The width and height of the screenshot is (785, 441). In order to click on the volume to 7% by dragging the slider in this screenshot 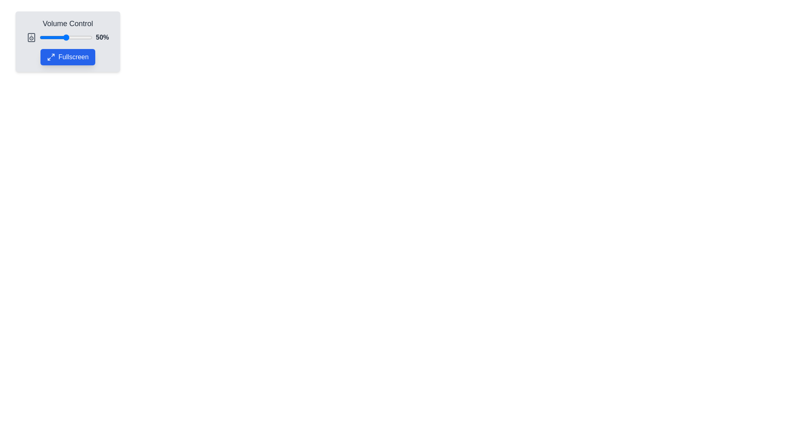, I will do `click(43, 38)`.